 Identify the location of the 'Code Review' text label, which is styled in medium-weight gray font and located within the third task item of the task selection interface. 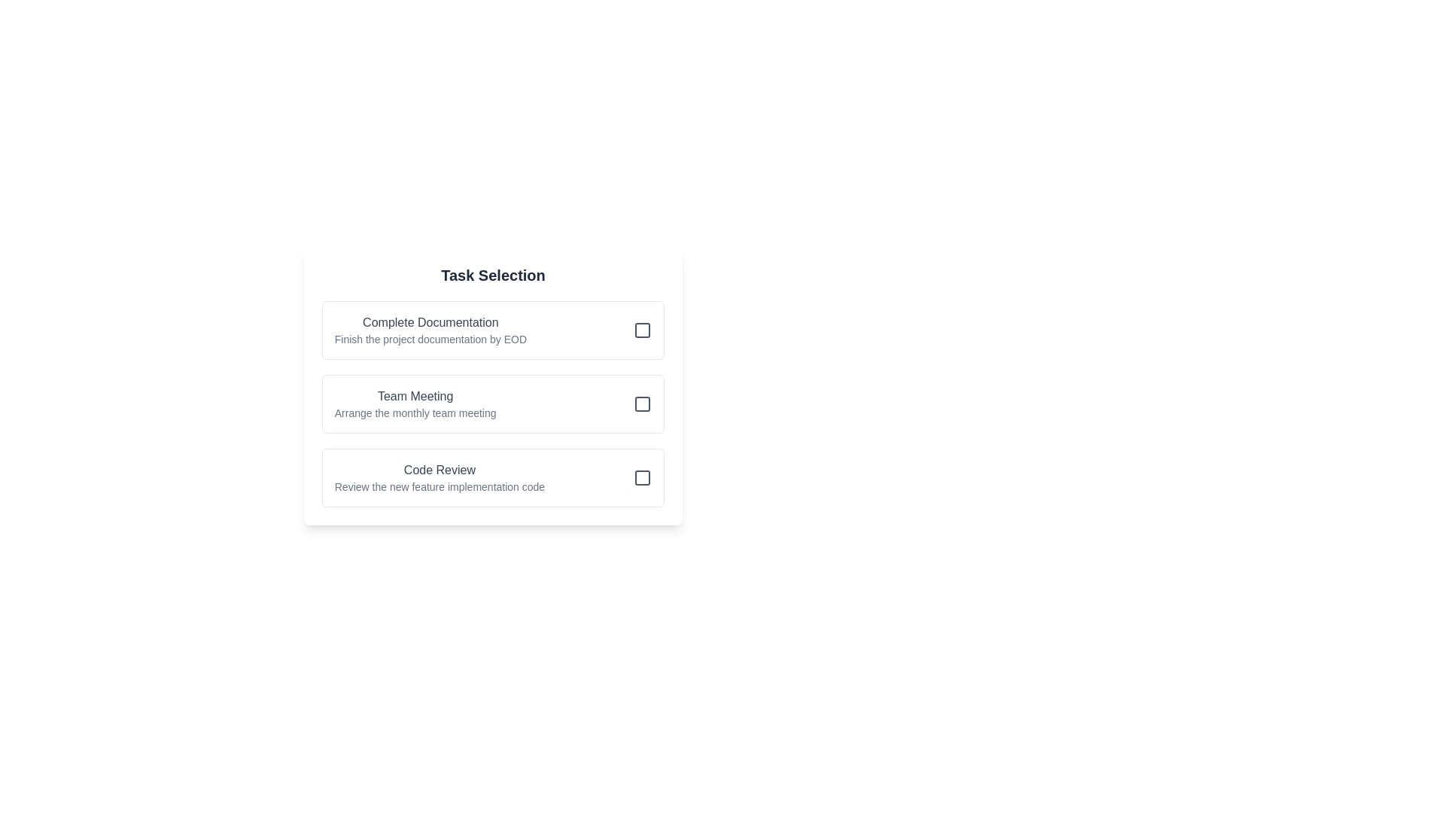
(439, 469).